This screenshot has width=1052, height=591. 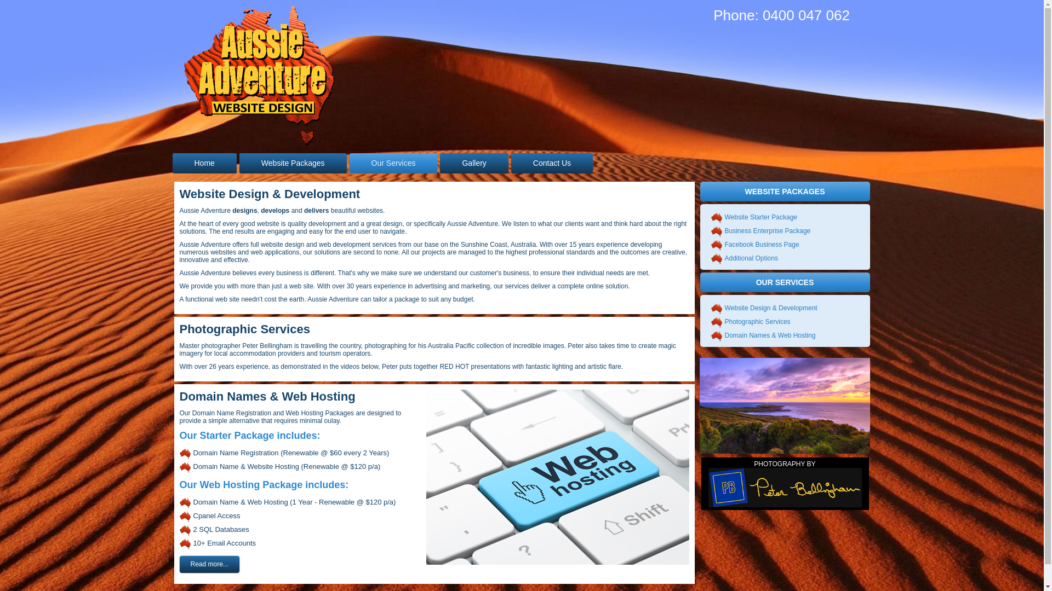 I want to click on 'Contact Us', so click(x=552, y=163).